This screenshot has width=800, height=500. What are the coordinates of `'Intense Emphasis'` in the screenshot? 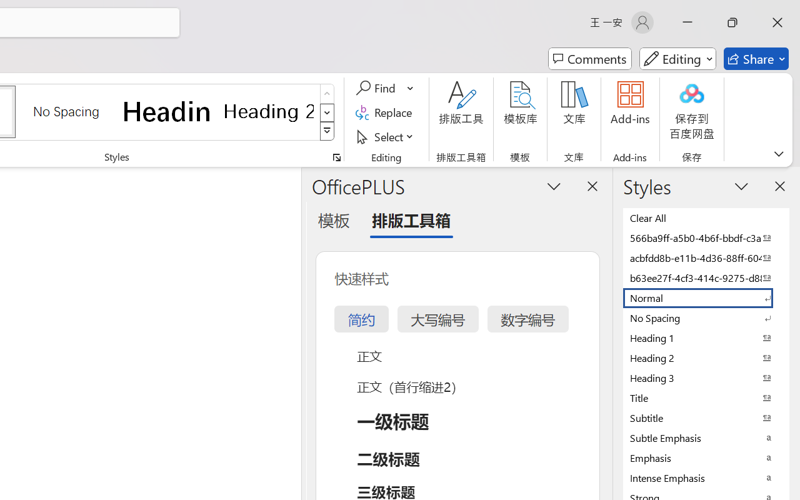 It's located at (706, 477).